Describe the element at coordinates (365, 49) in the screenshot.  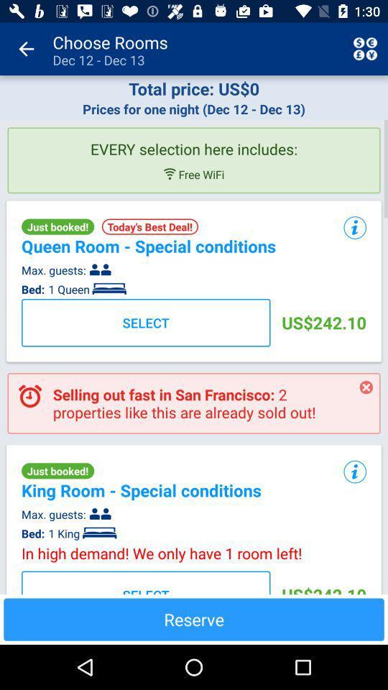
I see `app above the total price us item` at that location.